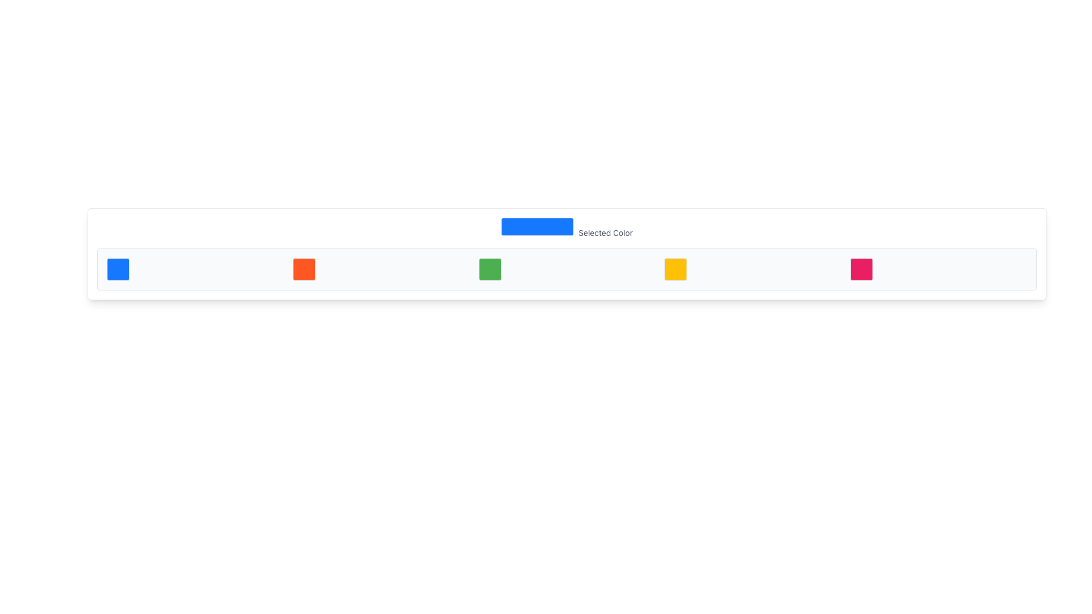  What do you see at coordinates (537, 226) in the screenshot?
I see `the appearance of the blue rectangular block with rounded edges located to the left of the 'Selected Color' label` at bounding box center [537, 226].